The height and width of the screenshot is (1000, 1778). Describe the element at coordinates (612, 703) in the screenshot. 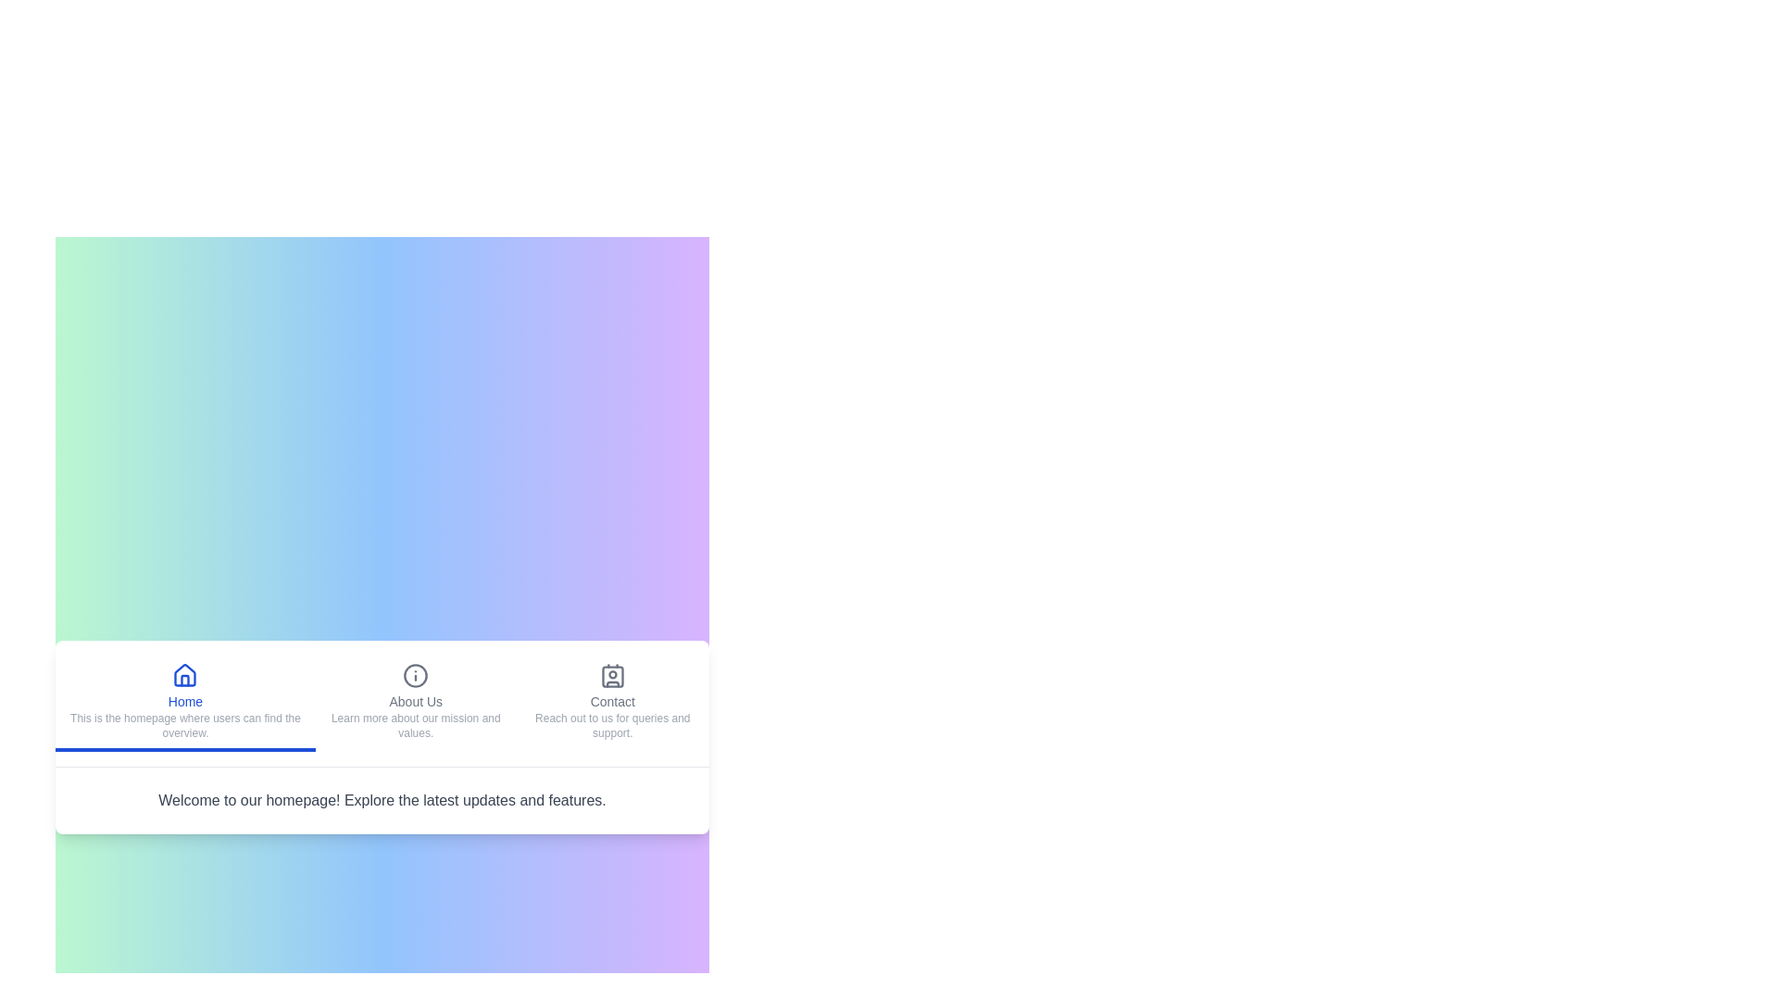

I see `the Contact tab to view the hover effect` at that location.